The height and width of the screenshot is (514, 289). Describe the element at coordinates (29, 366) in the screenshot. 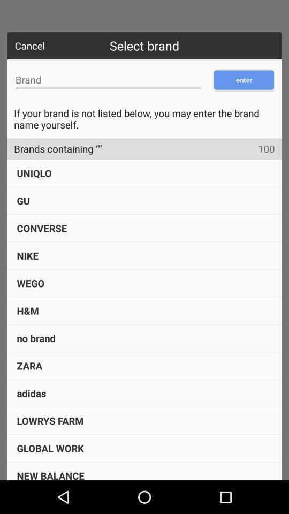

I see `zara item` at that location.